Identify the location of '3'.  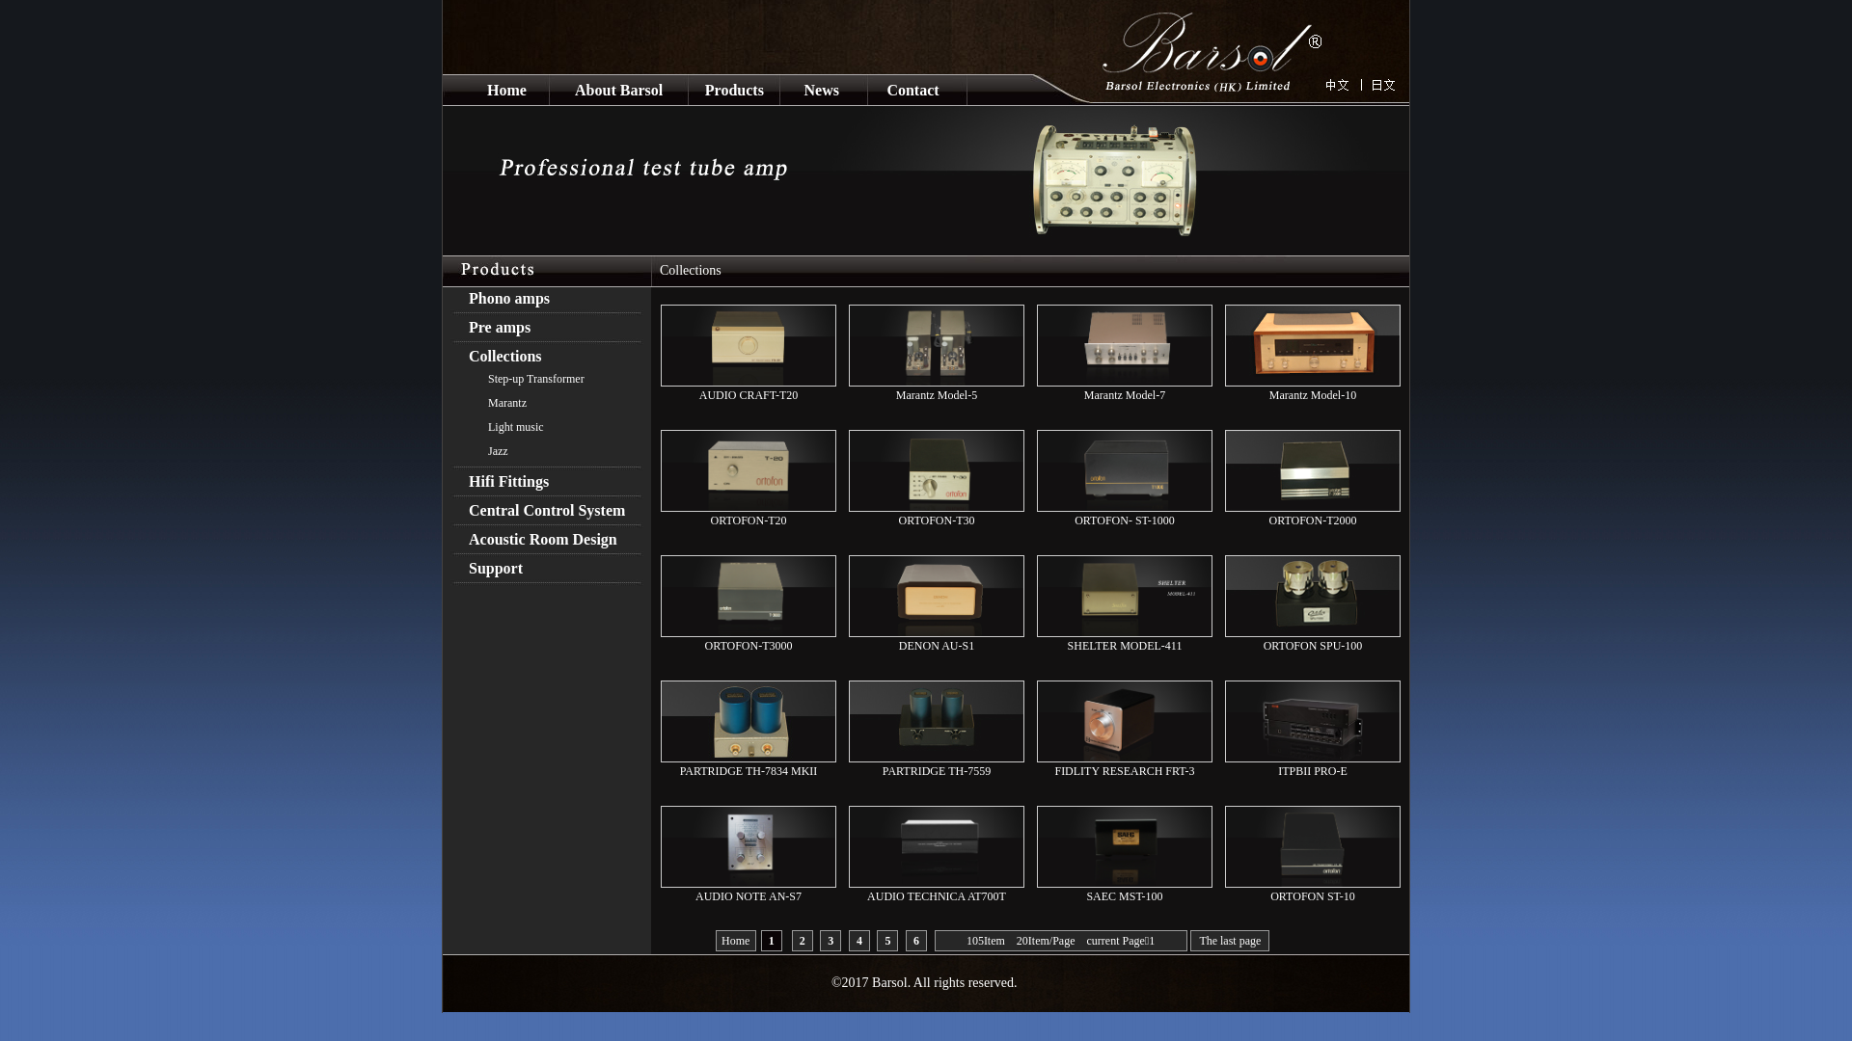
(830, 939).